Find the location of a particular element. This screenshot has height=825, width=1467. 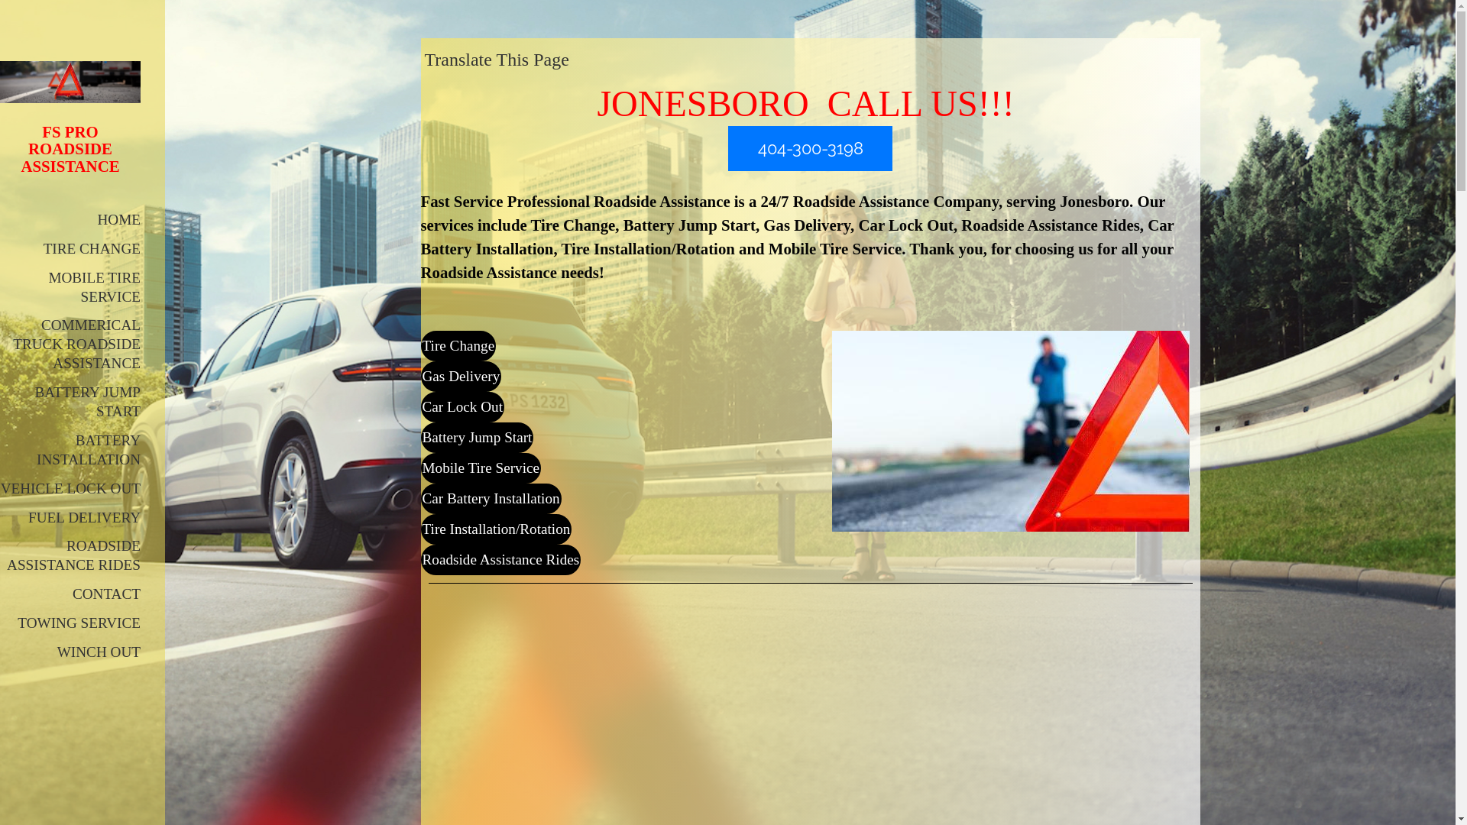

'TIRE CHANGE' is located at coordinates (91, 247).